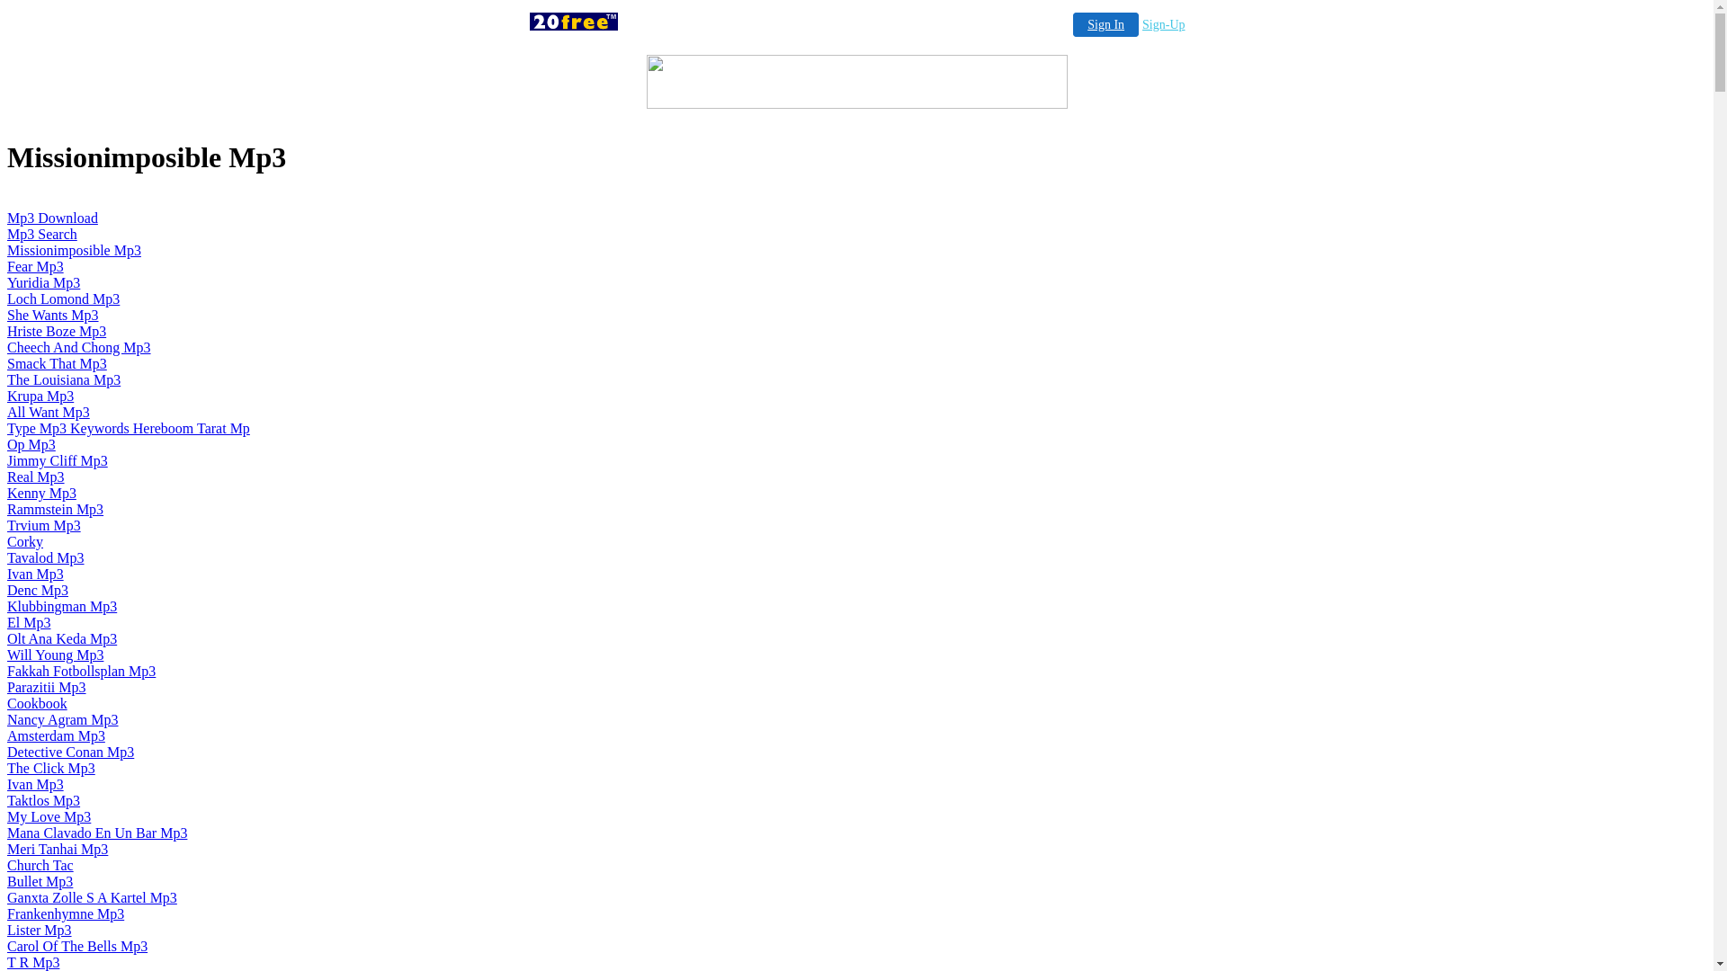 This screenshot has height=971, width=1727. What do you see at coordinates (96, 833) in the screenshot?
I see `'Mana Clavado En Un Bar Mp3'` at bounding box center [96, 833].